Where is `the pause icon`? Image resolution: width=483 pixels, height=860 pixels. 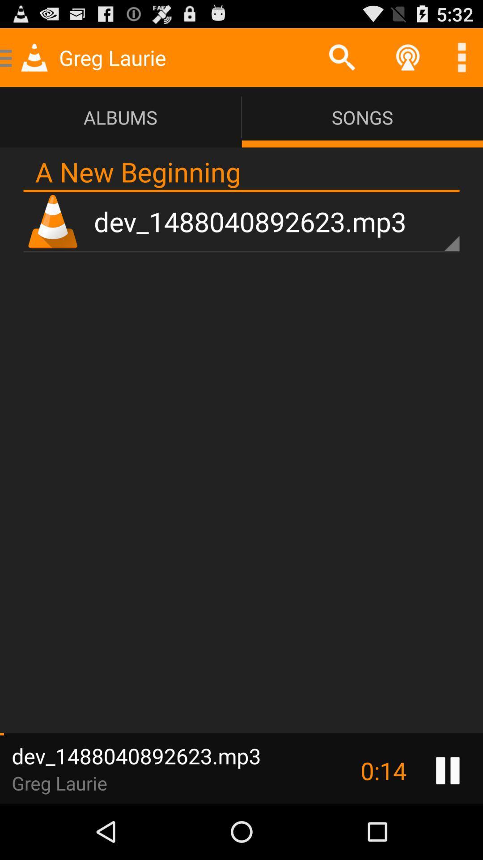
the pause icon is located at coordinates (448, 824).